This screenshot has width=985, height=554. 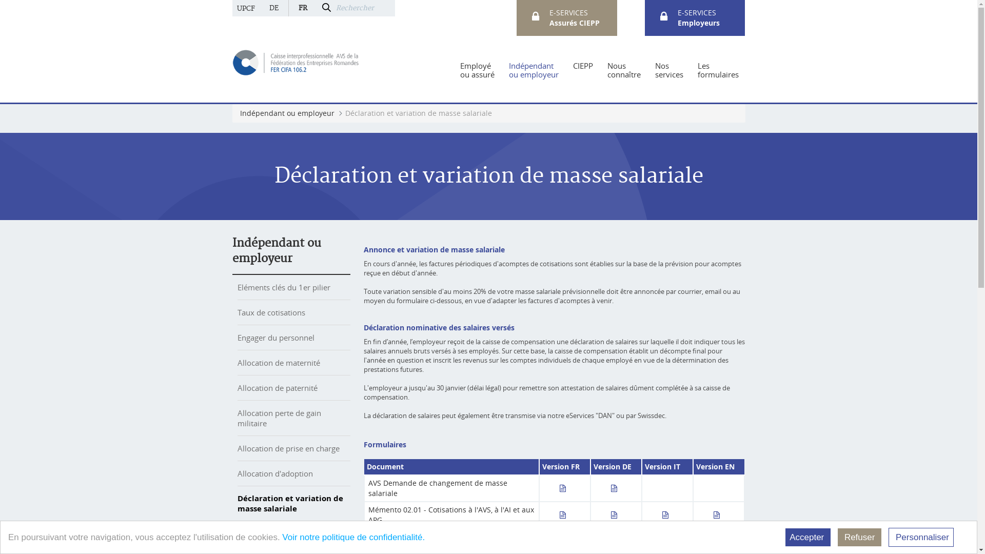 I want to click on 'Rechercher', so click(x=364, y=8).